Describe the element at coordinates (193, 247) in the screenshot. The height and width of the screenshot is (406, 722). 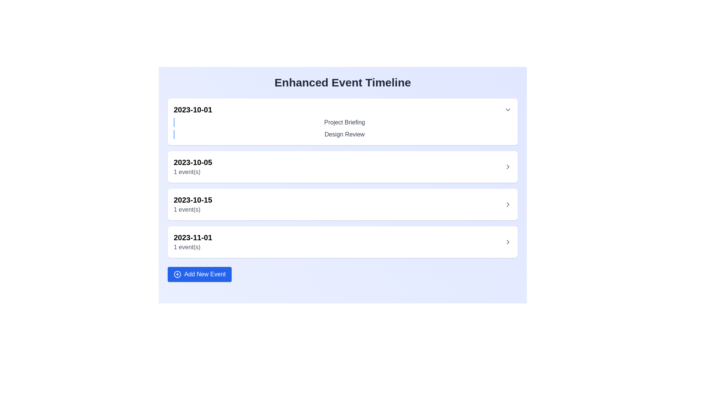
I see `the text label displaying '1 event(s)' styled in gray, located below the date '2023-11-01'` at that location.